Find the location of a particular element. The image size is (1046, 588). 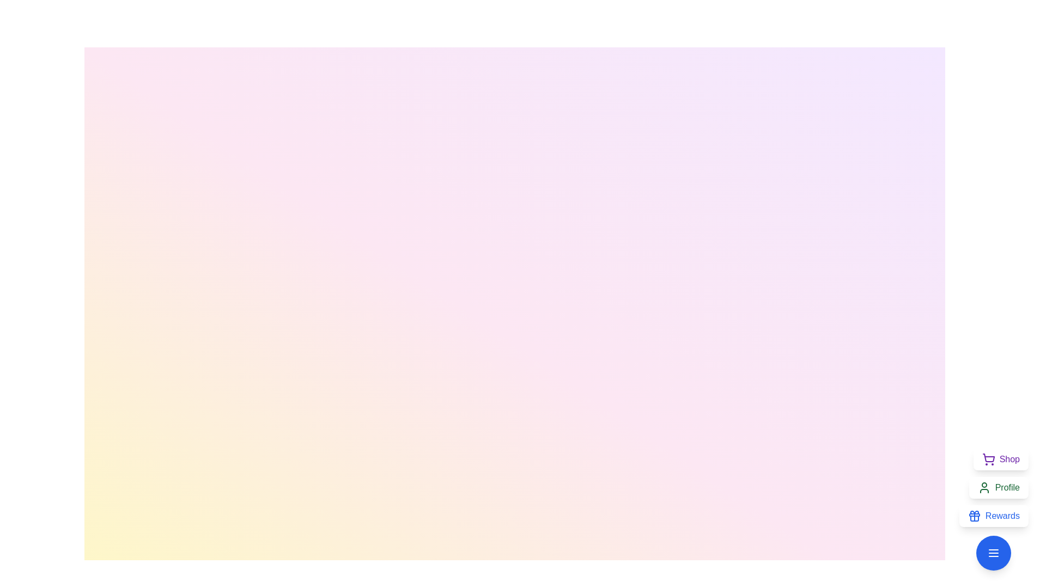

the 'Rewards' button, which is a rectangular button with a white background and blue text, located below the 'Profile' button is located at coordinates (994, 516).